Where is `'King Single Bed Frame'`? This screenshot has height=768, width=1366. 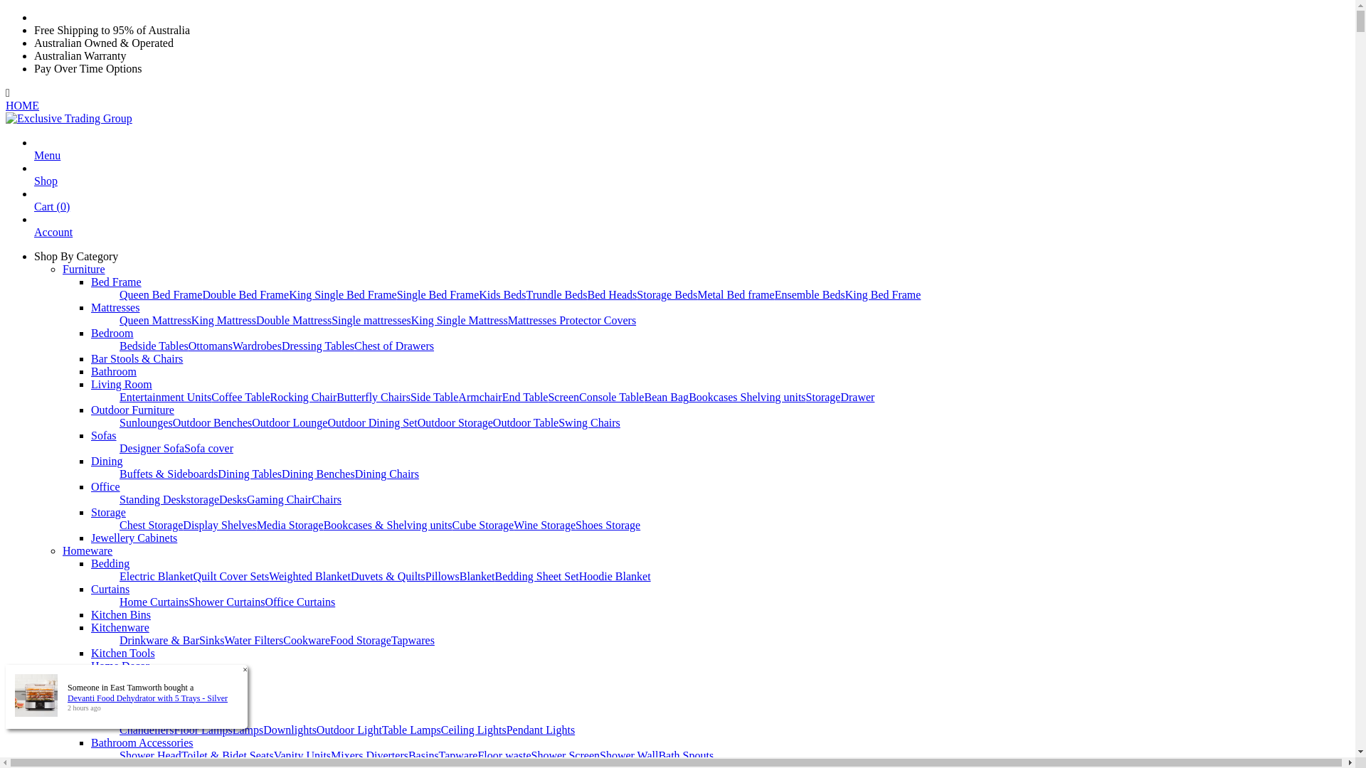 'King Single Bed Frame' is located at coordinates (288, 294).